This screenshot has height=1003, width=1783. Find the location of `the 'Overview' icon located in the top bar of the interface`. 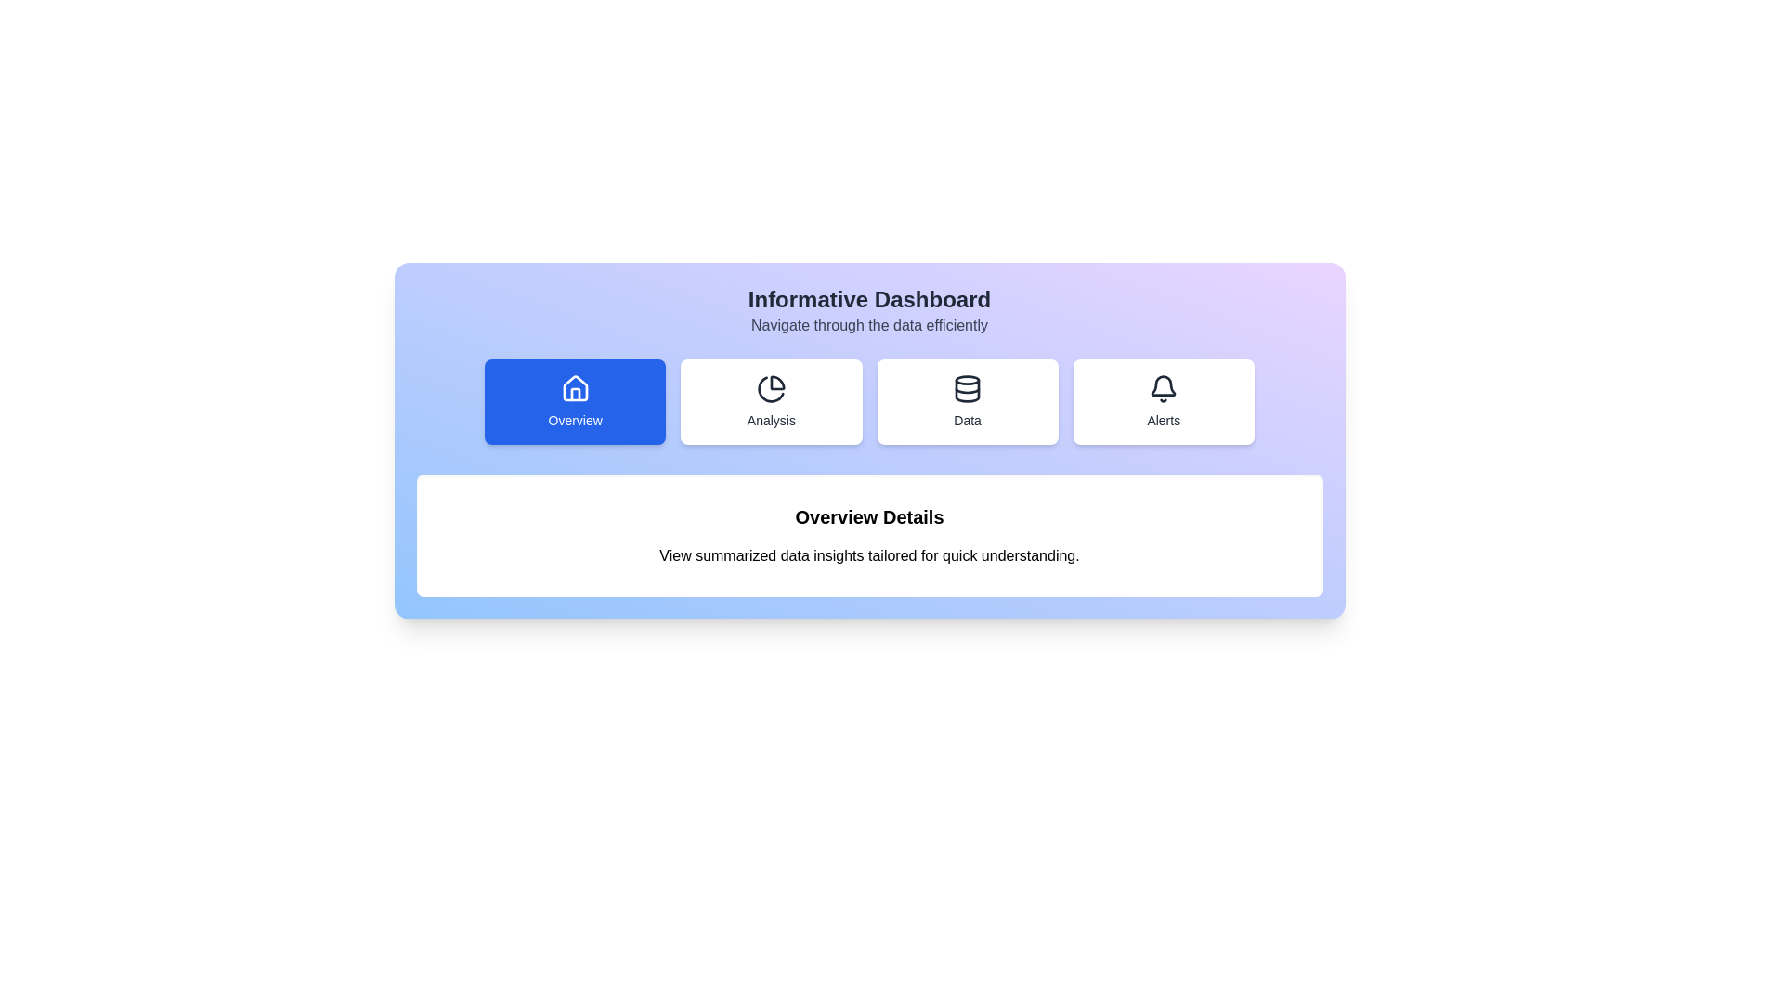

the 'Overview' icon located in the top bar of the interface is located at coordinates (574, 387).